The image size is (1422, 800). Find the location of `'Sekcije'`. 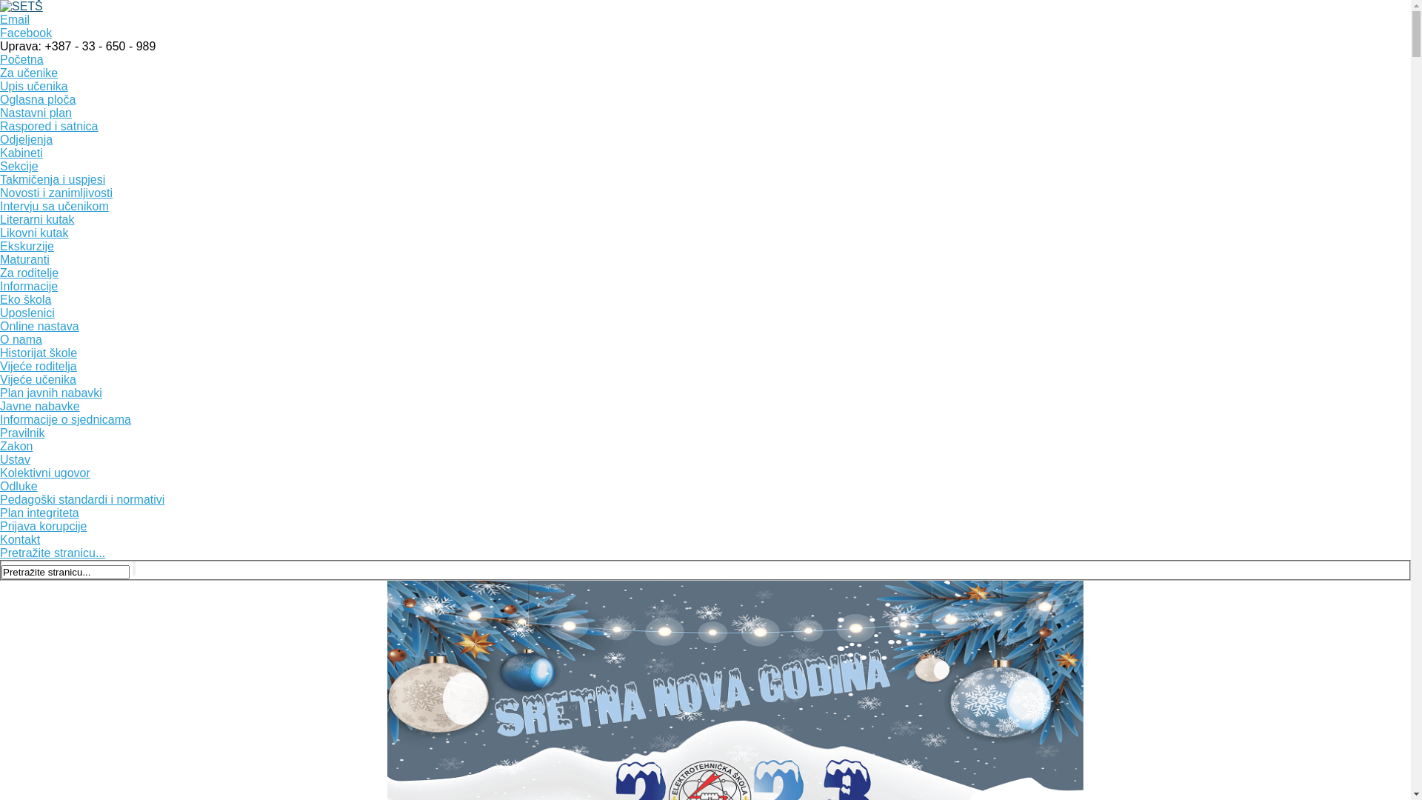

'Sekcije' is located at coordinates (19, 166).